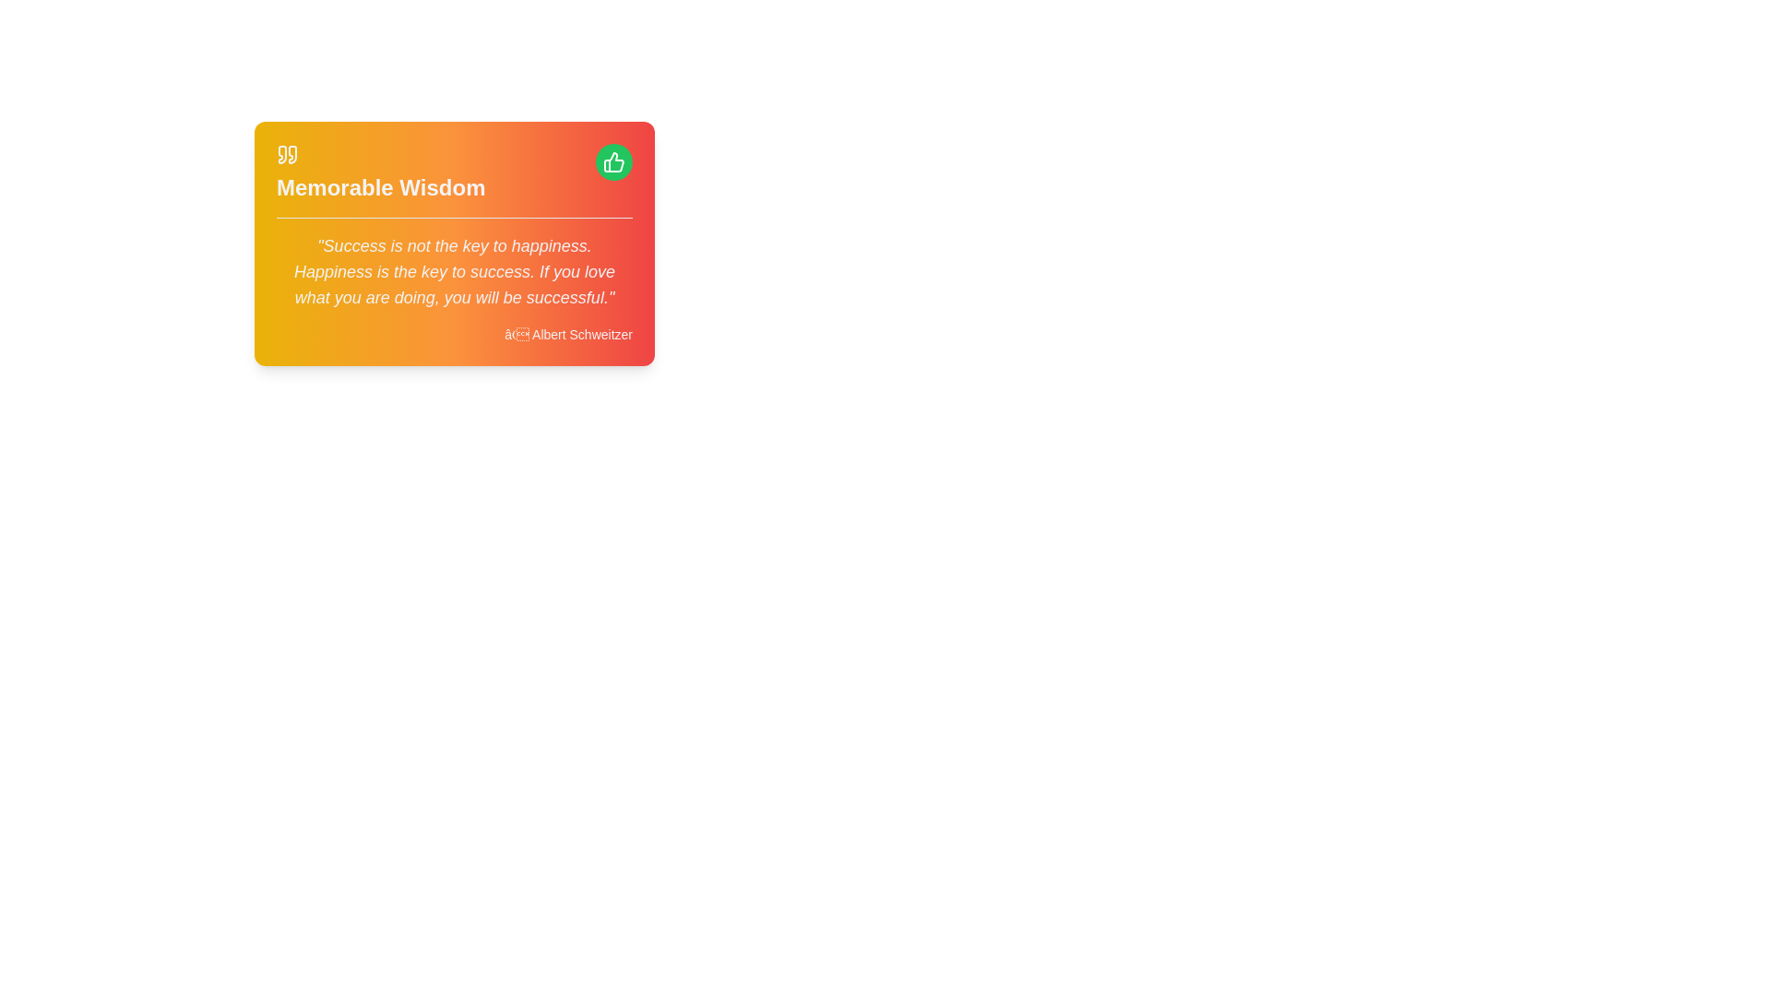  What do you see at coordinates (380, 188) in the screenshot?
I see `text component displaying the phrase 'Memorable Wisdom' which is bold and large with a gradient background in warm tones, located in the upper-left section of a card layout` at bounding box center [380, 188].